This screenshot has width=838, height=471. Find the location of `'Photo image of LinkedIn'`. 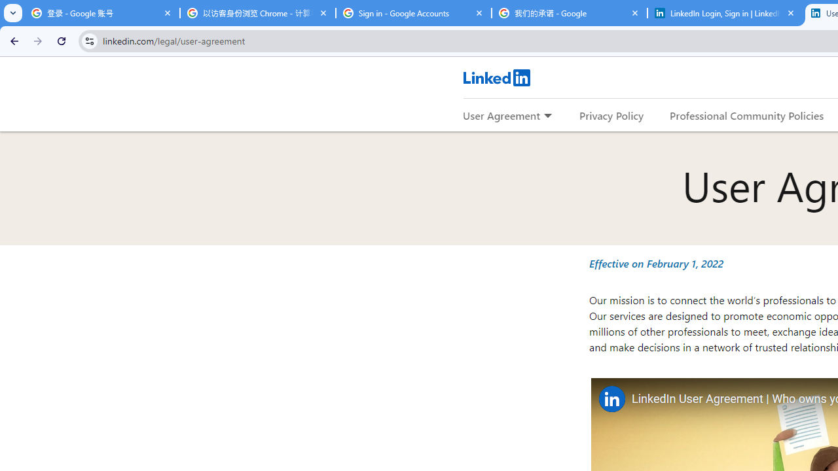

'Photo image of LinkedIn' is located at coordinates (611, 398).